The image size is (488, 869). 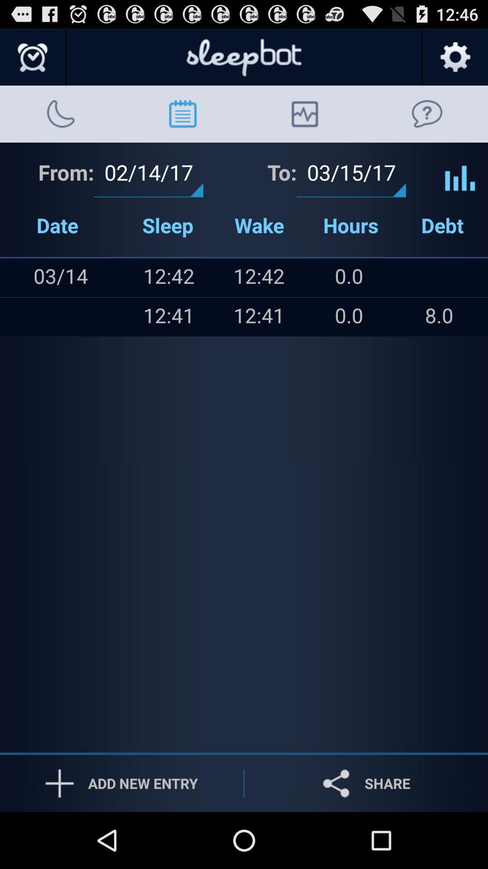 What do you see at coordinates (439, 277) in the screenshot?
I see `icon next to the 0.0 icon` at bounding box center [439, 277].